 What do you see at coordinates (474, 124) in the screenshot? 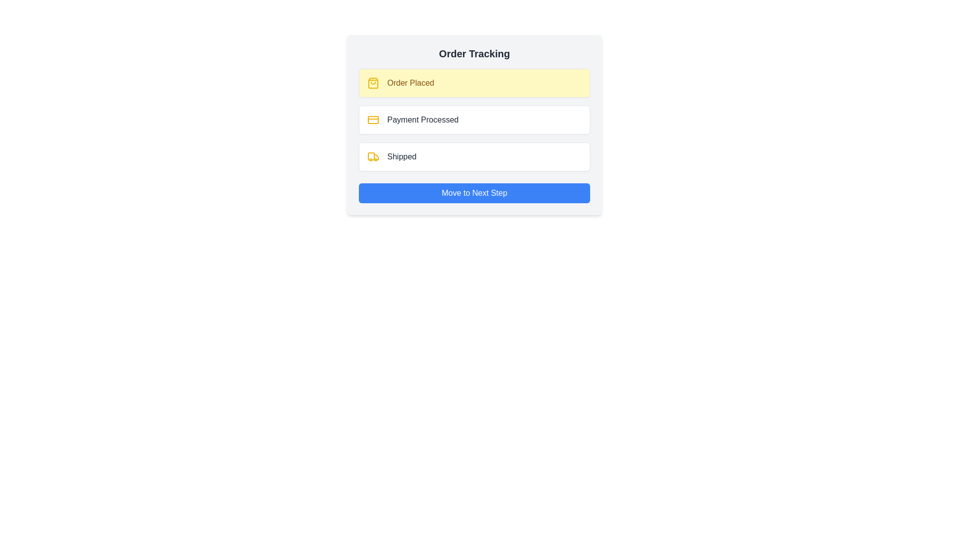
I see `the 'Payment Processed' stage in the order tracking process, which is the second entry in a vertical sequence of three steps displayed within a card` at bounding box center [474, 124].